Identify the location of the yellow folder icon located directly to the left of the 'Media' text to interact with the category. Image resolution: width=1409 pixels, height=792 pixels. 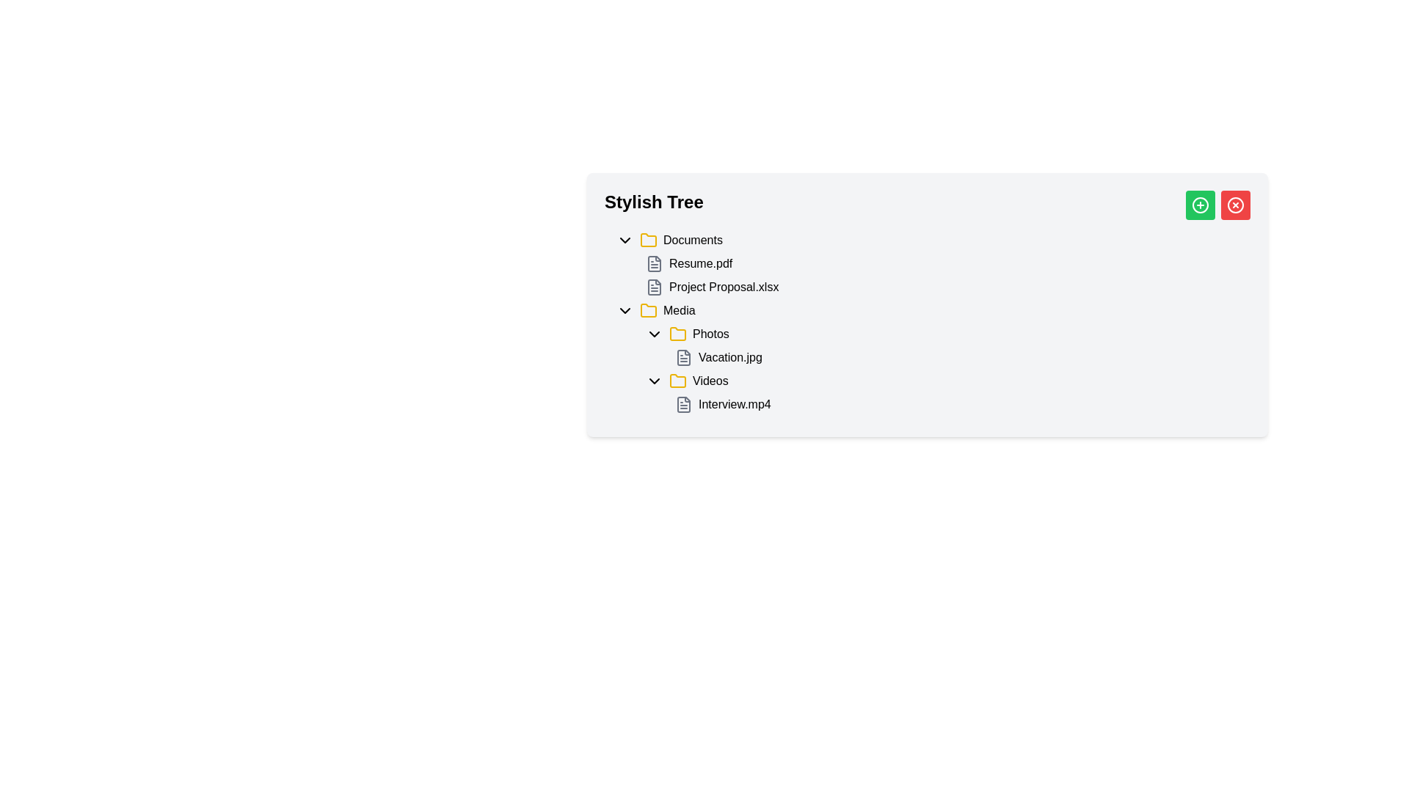
(647, 310).